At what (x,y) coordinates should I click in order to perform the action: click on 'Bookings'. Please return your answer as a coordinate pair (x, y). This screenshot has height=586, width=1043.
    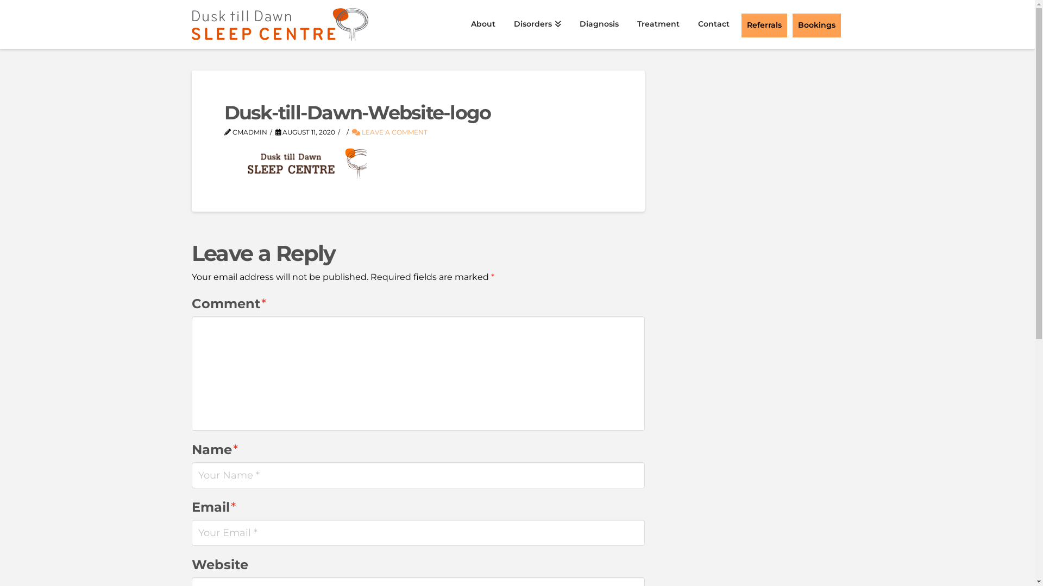
    Looking at the image, I should click on (816, 24).